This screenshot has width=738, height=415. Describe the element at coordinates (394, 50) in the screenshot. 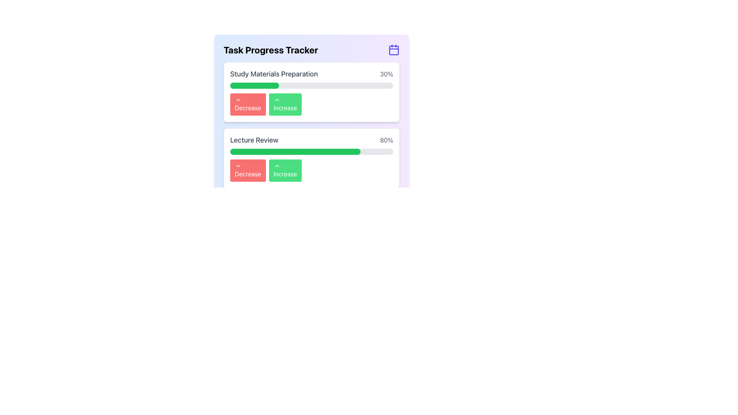

I see `the calendar icon with a purple outline located in the top-right corner of the 'Task Progress Tracker' section header` at that location.